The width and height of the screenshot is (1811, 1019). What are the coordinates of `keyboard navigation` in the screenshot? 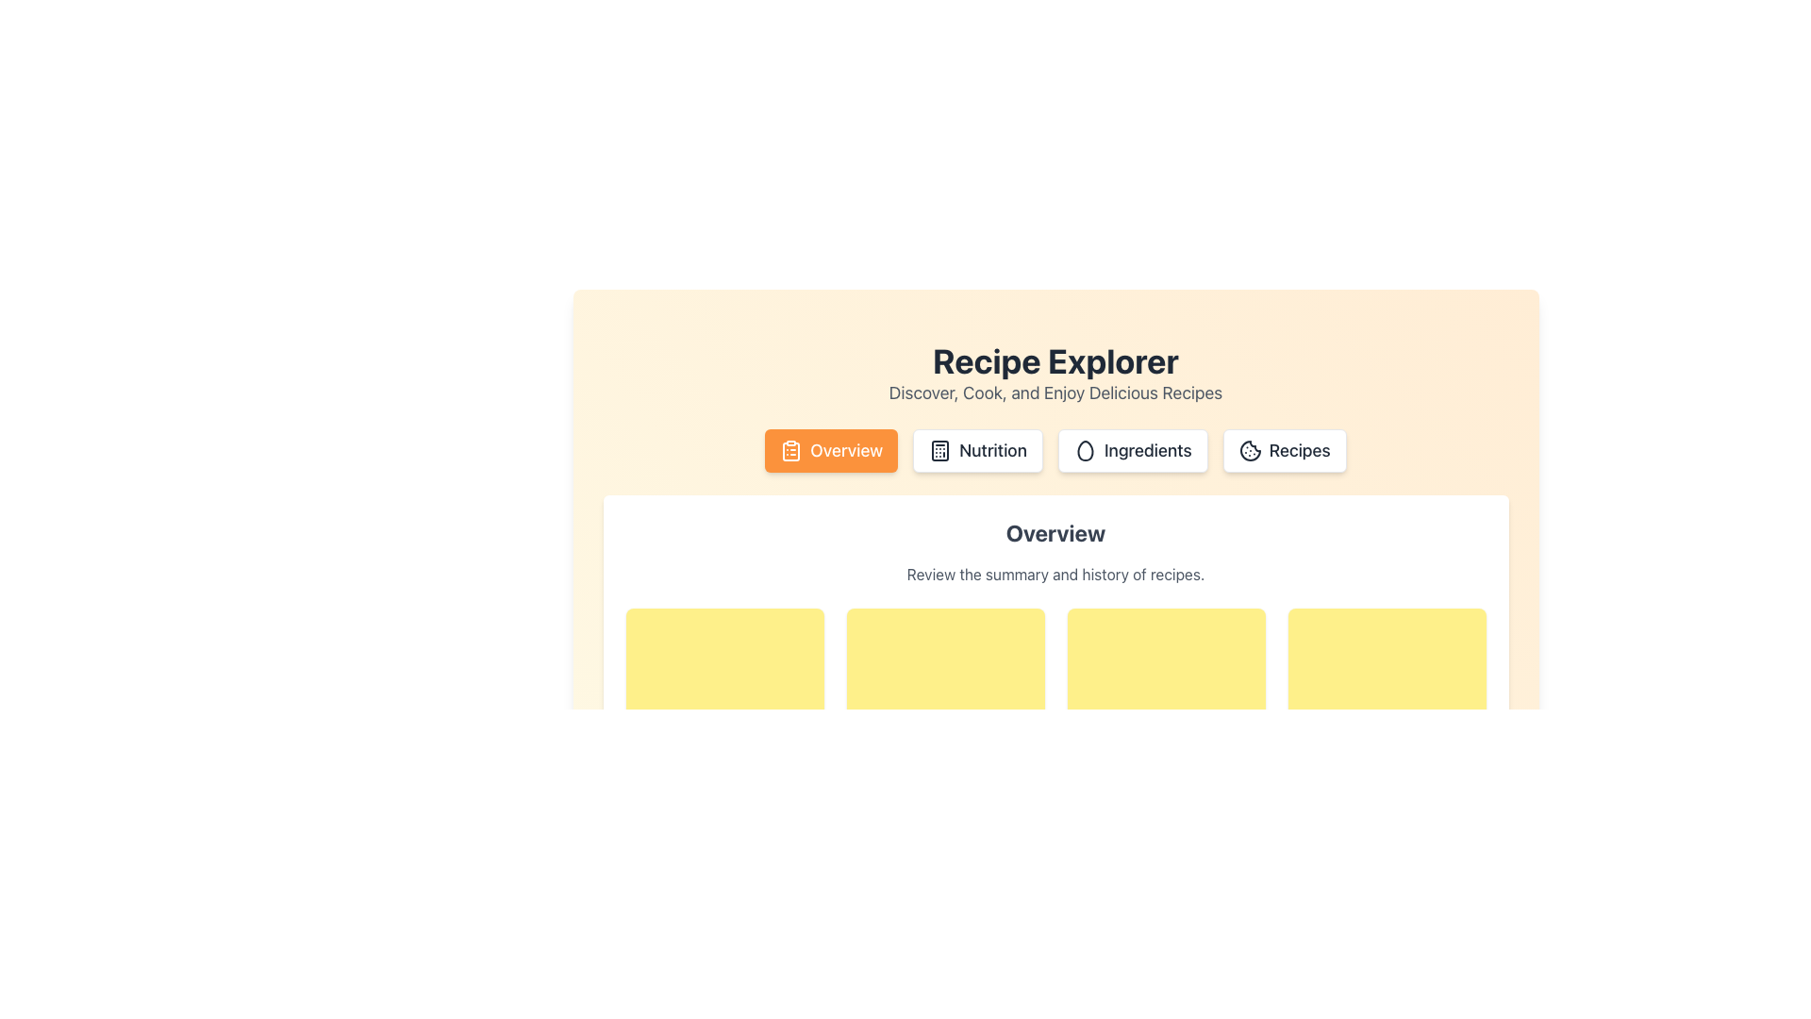 It's located at (1284, 451).